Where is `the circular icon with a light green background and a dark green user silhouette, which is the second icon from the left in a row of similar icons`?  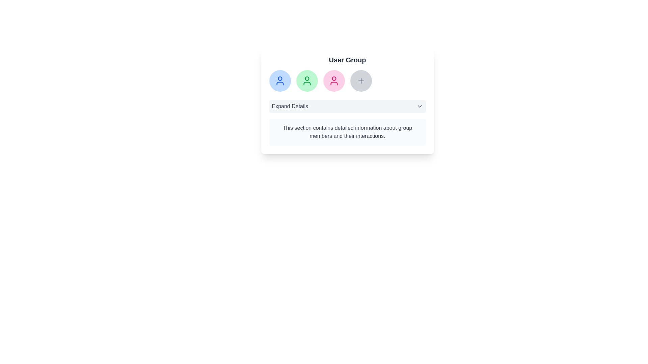 the circular icon with a light green background and a dark green user silhouette, which is the second icon from the left in a row of similar icons is located at coordinates (306, 80).